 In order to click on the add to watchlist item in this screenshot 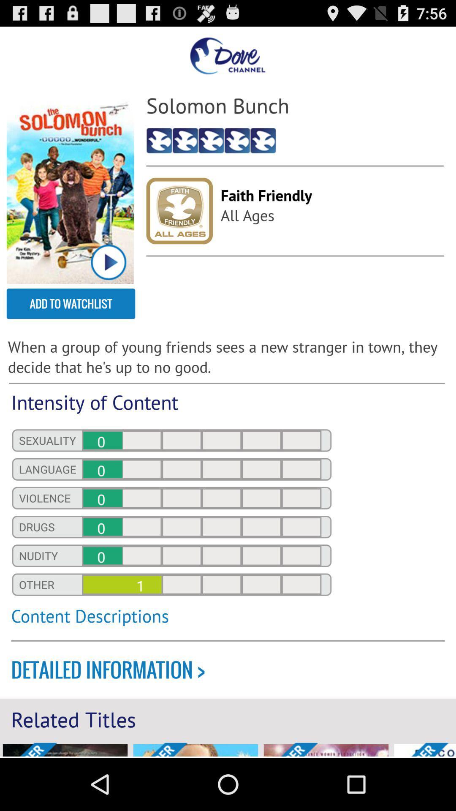, I will do `click(71, 304)`.